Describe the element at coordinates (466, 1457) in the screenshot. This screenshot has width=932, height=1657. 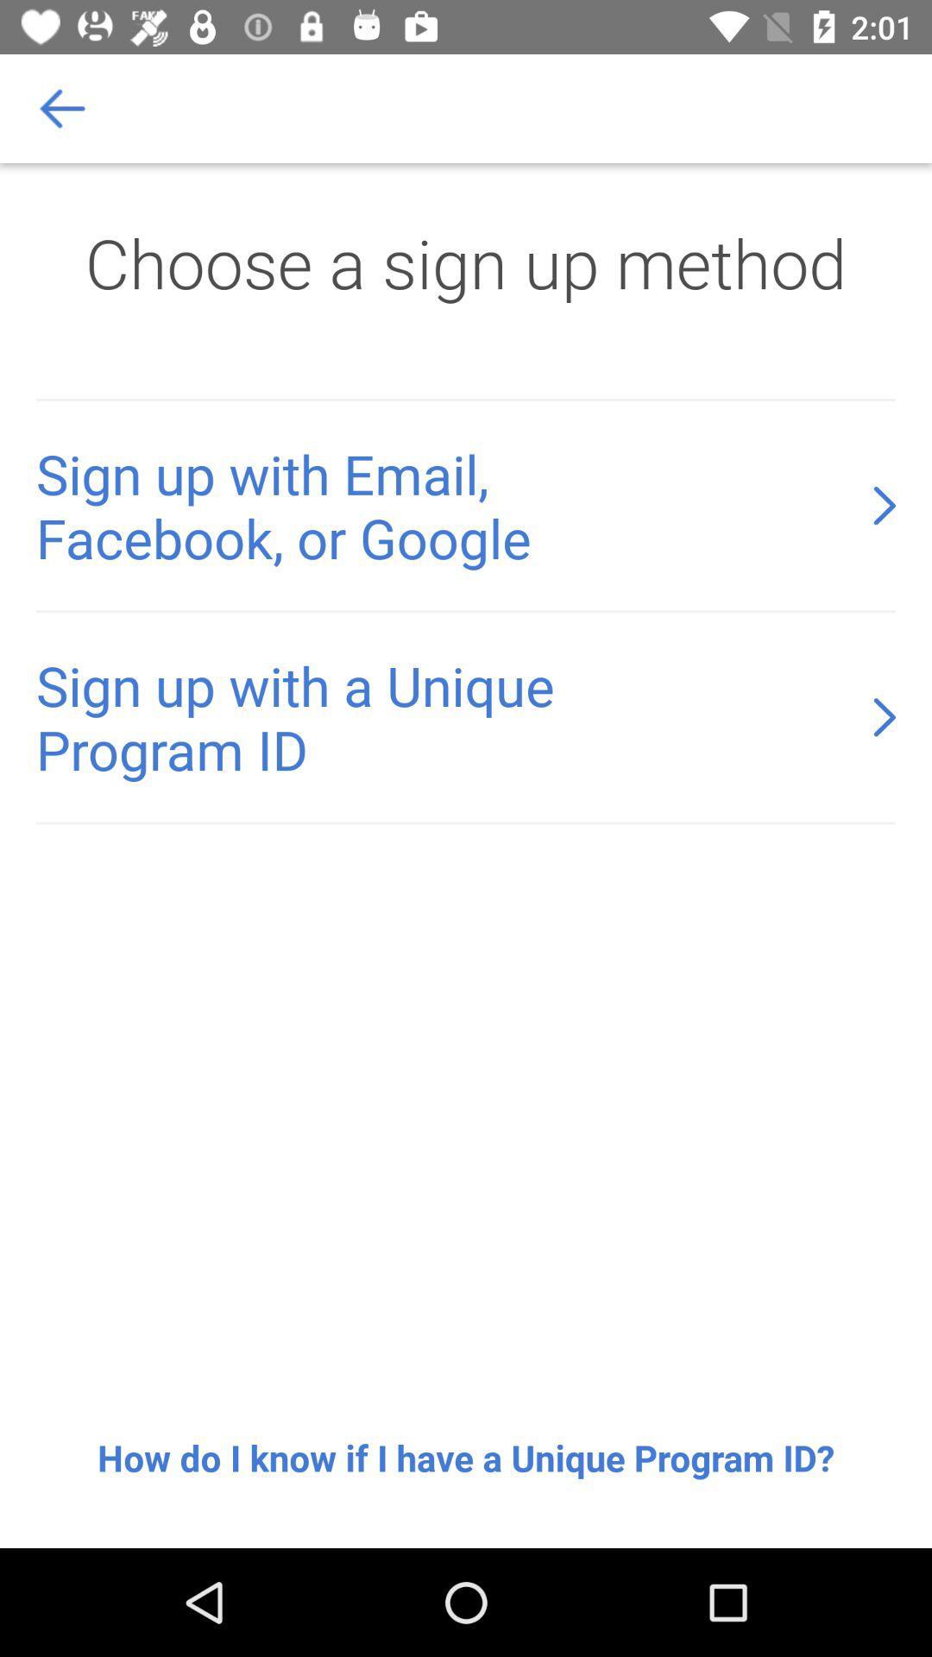
I see `the how do i` at that location.